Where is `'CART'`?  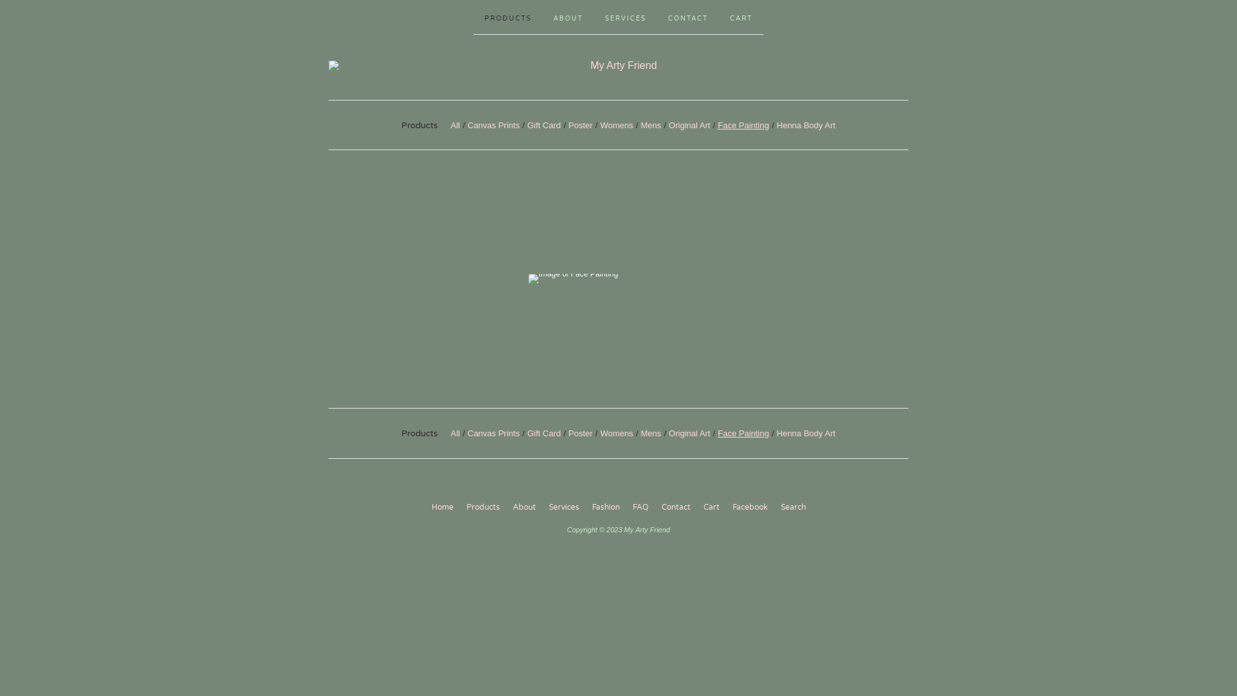
'CART' is located at coordinates (741, 17).